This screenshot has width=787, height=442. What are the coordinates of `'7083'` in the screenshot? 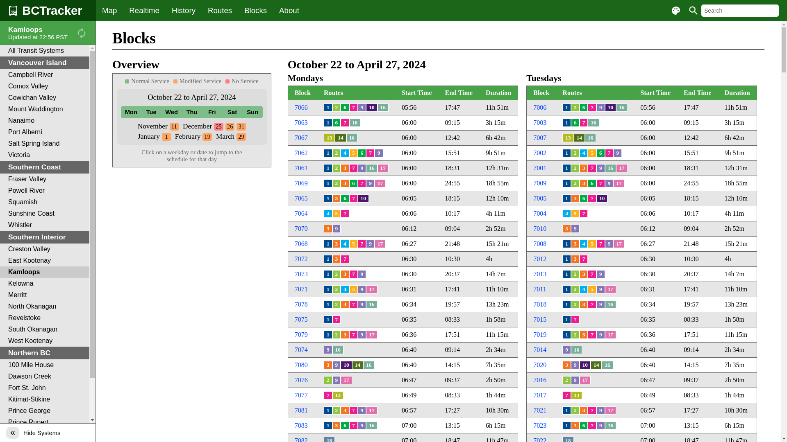 It's located at (295, 425).